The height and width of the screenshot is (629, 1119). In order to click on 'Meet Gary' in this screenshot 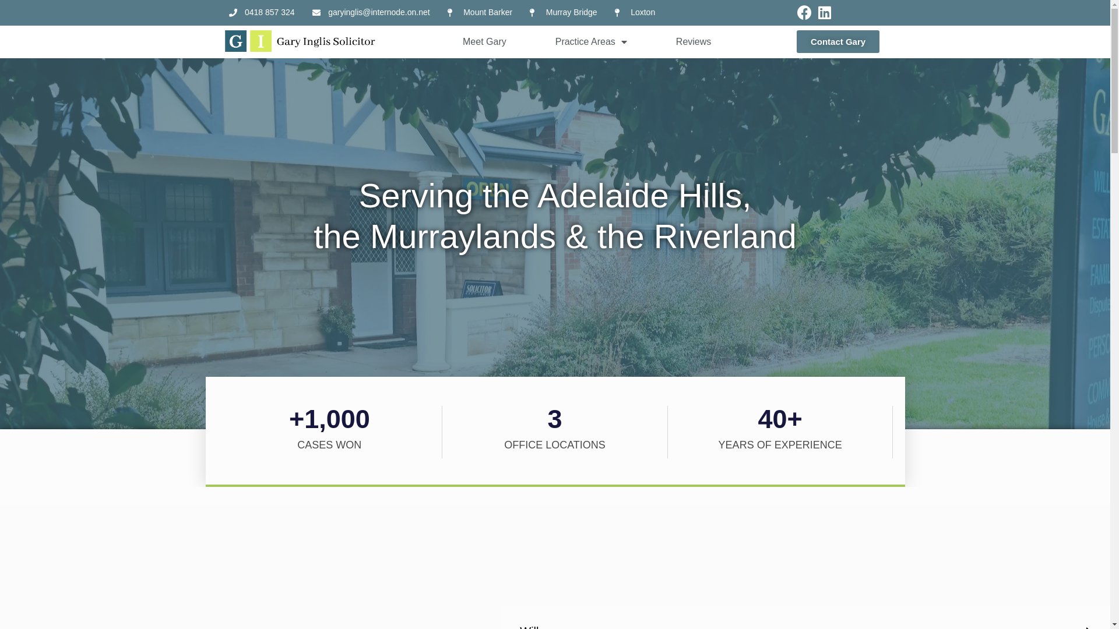, I will do `click(484, 41)`.